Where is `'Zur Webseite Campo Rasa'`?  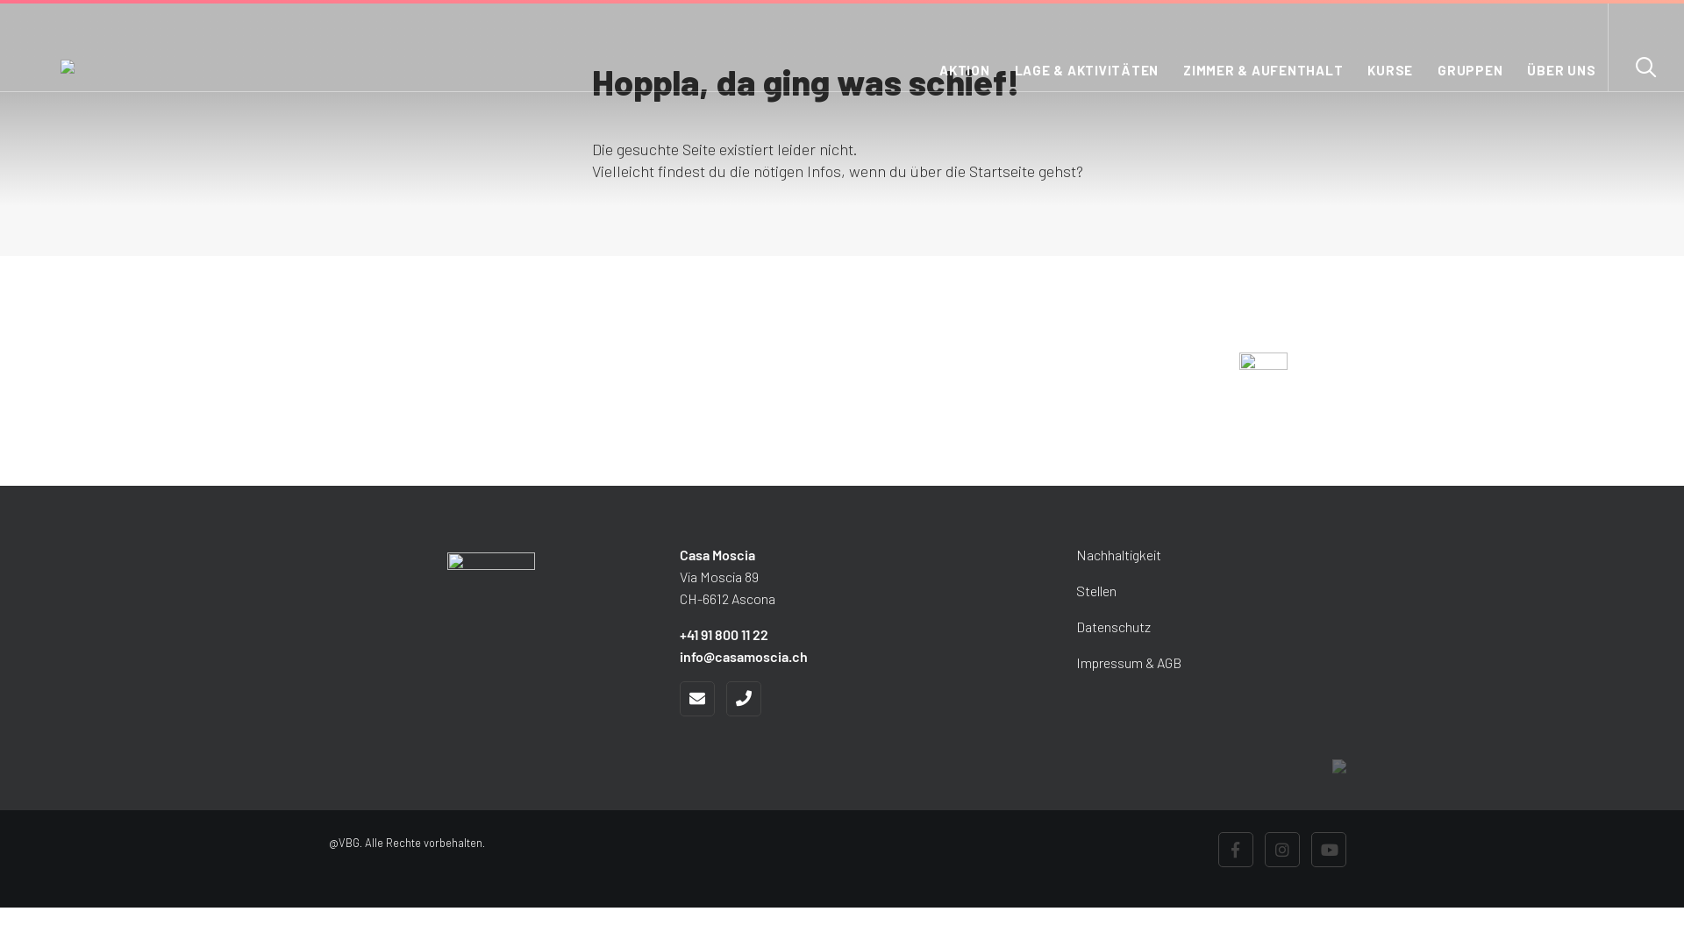
'Zur Webseite Campo Rasa' is located at coordinates (1263, 374).